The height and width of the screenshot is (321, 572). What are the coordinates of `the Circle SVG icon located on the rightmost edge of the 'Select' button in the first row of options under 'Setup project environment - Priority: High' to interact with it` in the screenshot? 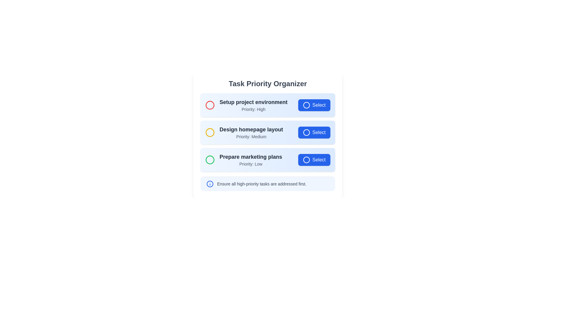 It's located at (306, 105).